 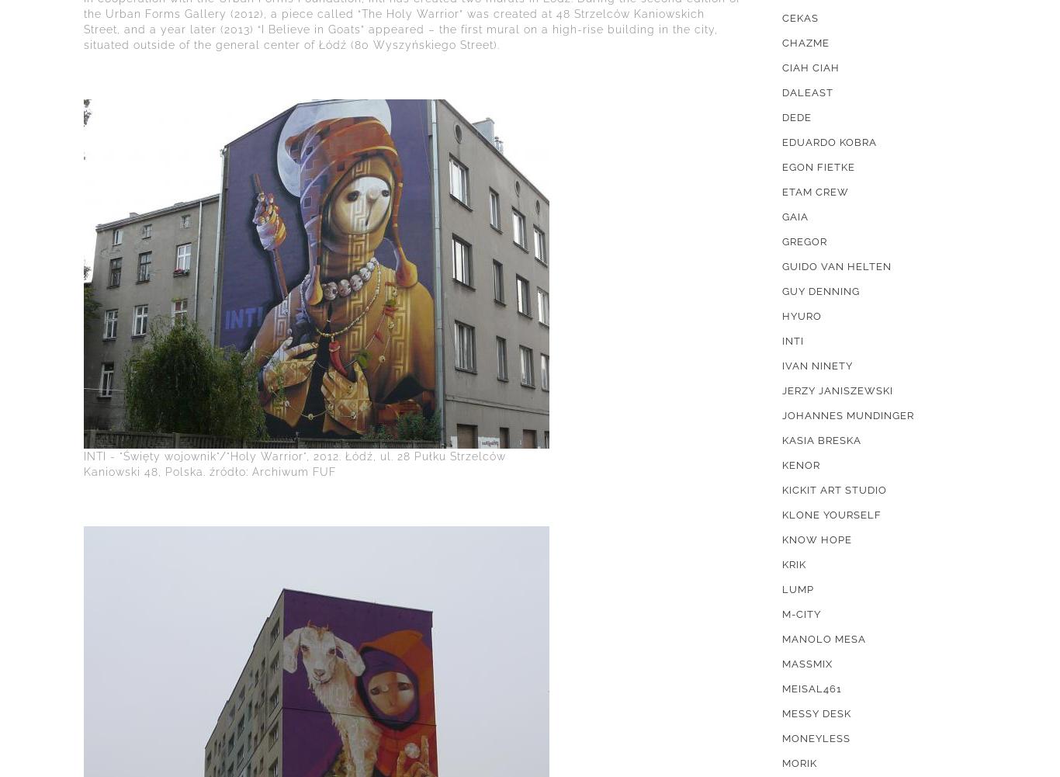 I want to click on 'EGON FIETKE', so click(x=817, y=166).